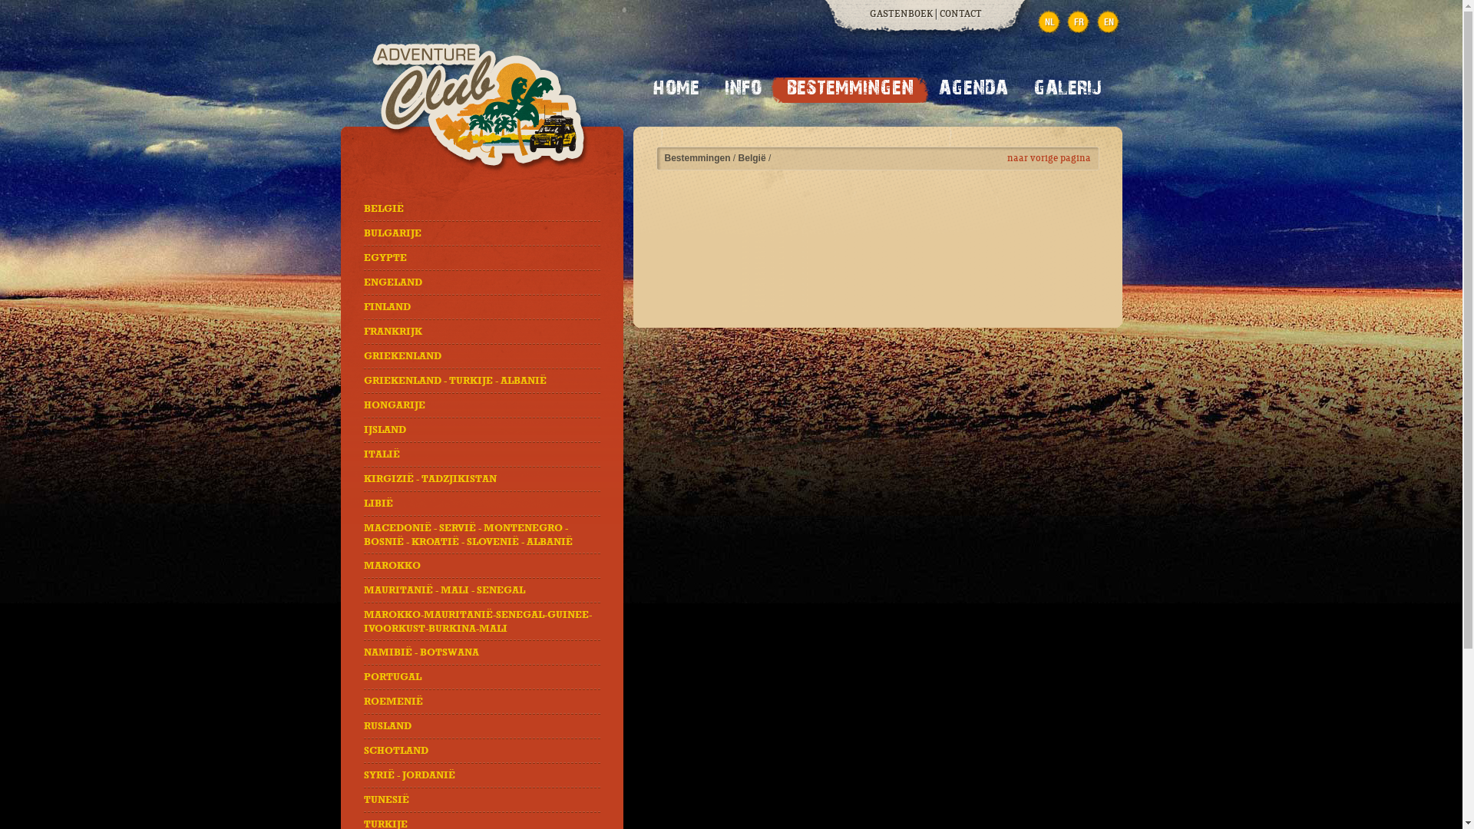 Image resolution: width=1474 pixels, height=829 pixels. Describe the element at coordinates (1049, 22) in the screenshot. I see `'NL'` at that location.